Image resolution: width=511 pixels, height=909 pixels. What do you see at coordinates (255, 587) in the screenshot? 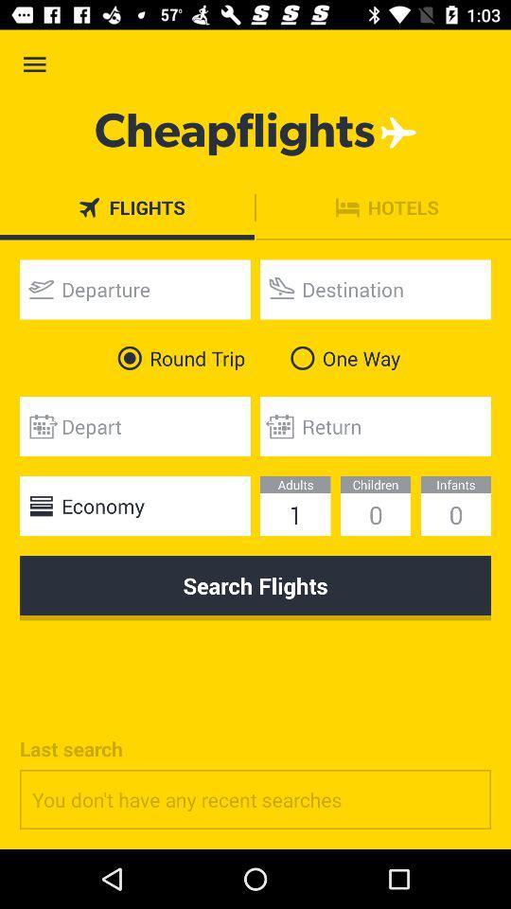
I see `the search flights` at bounding box center [255, 587].